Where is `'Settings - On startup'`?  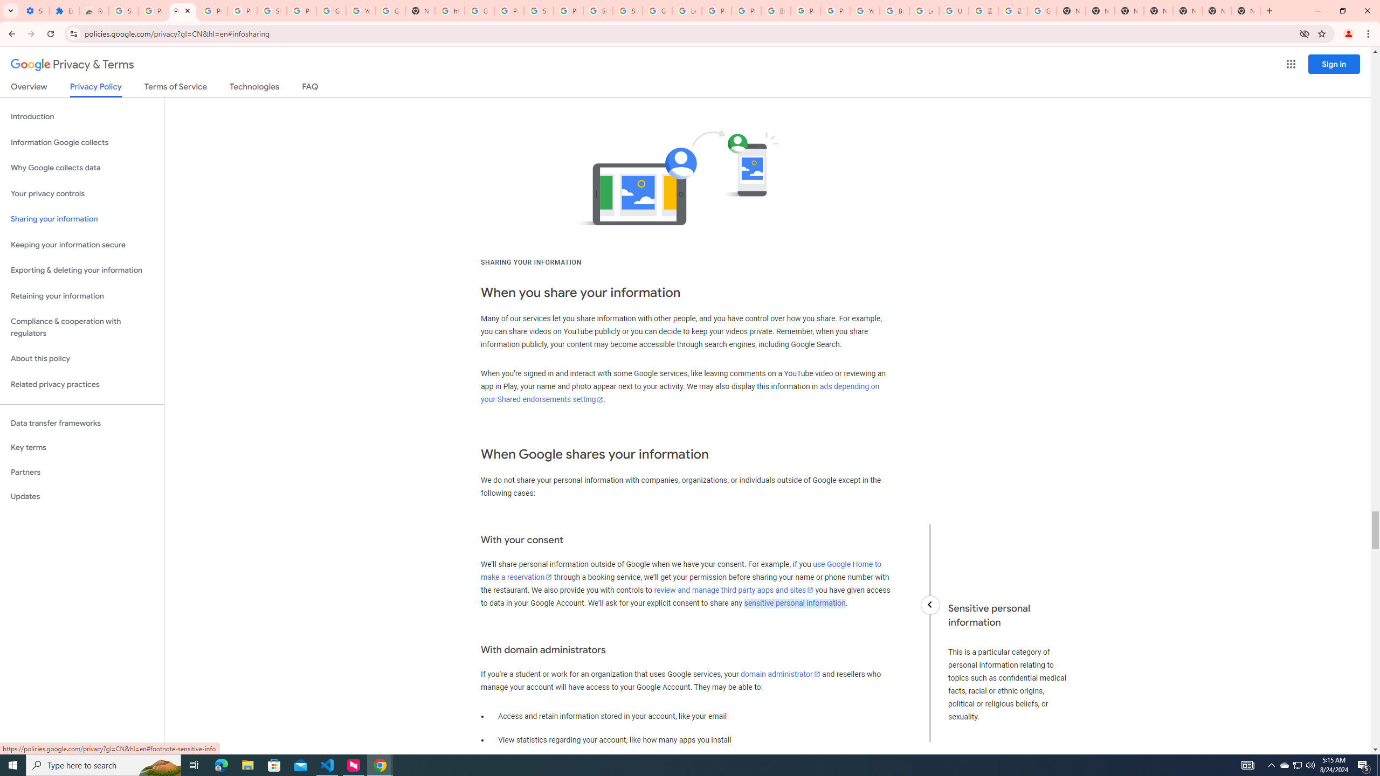 'Settings - On startup' is located at coordinates (34, 10).